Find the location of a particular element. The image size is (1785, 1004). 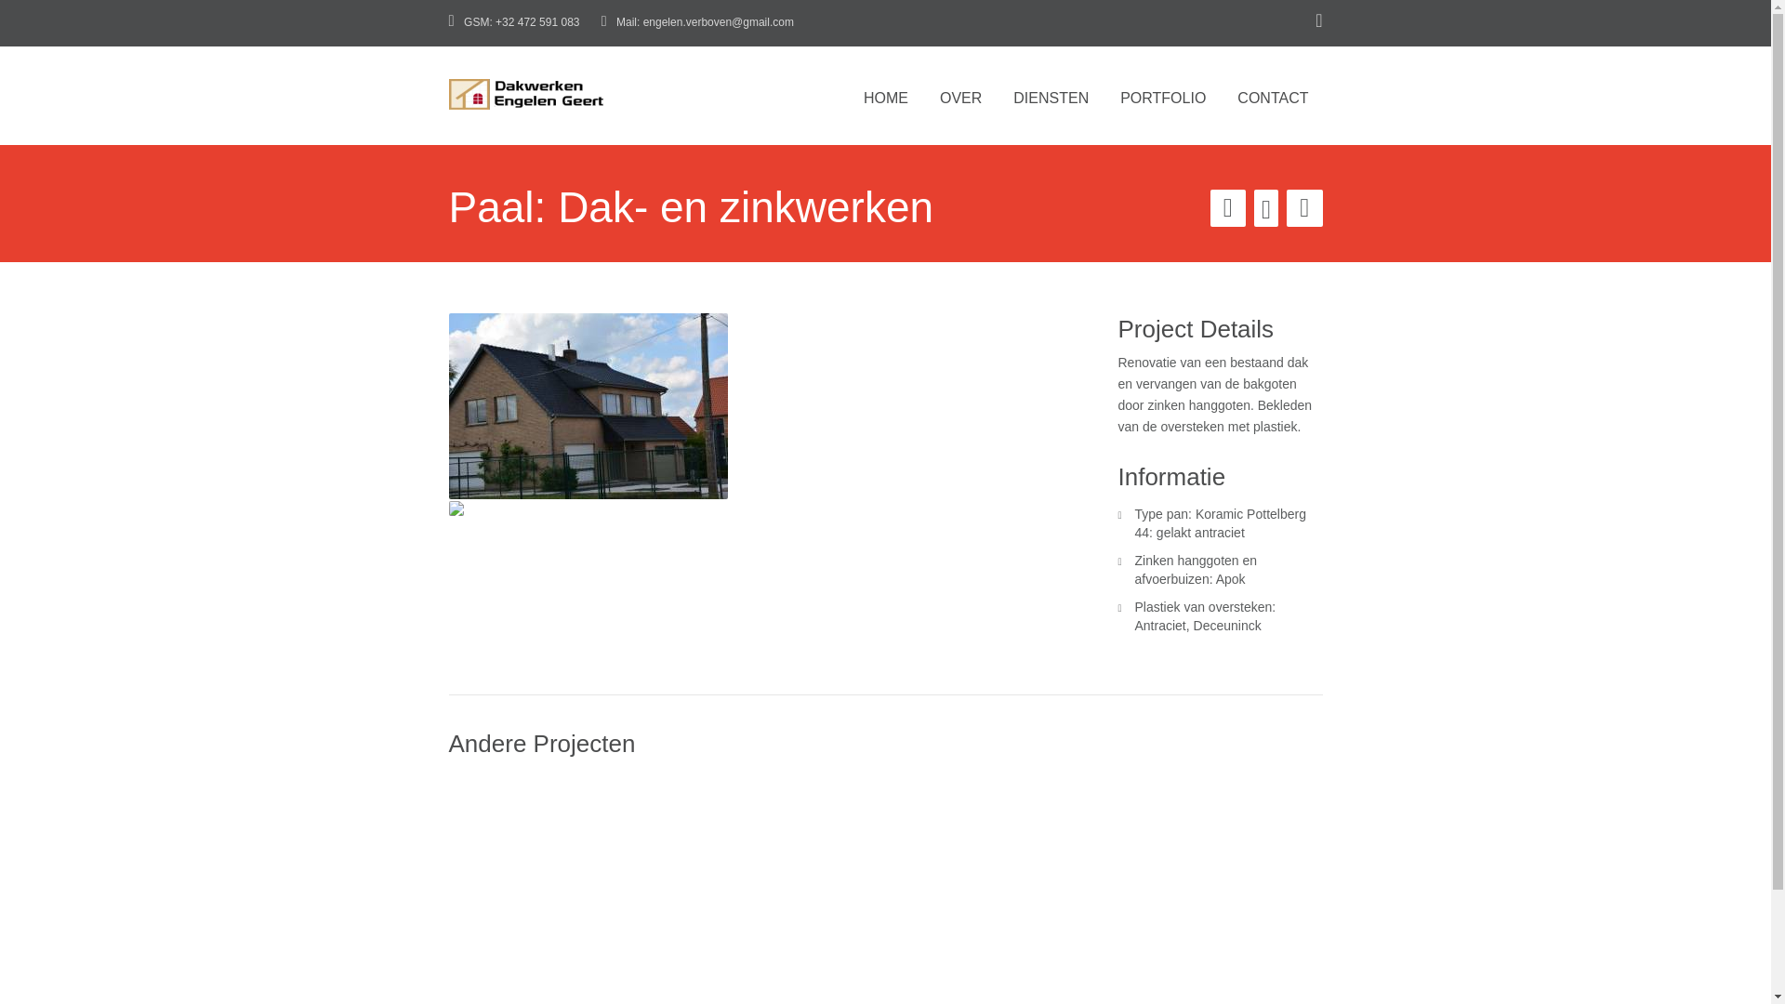

'Zinken hanggoten en afvoerbuizen: Apok' is located at coordinates (1132, 569).